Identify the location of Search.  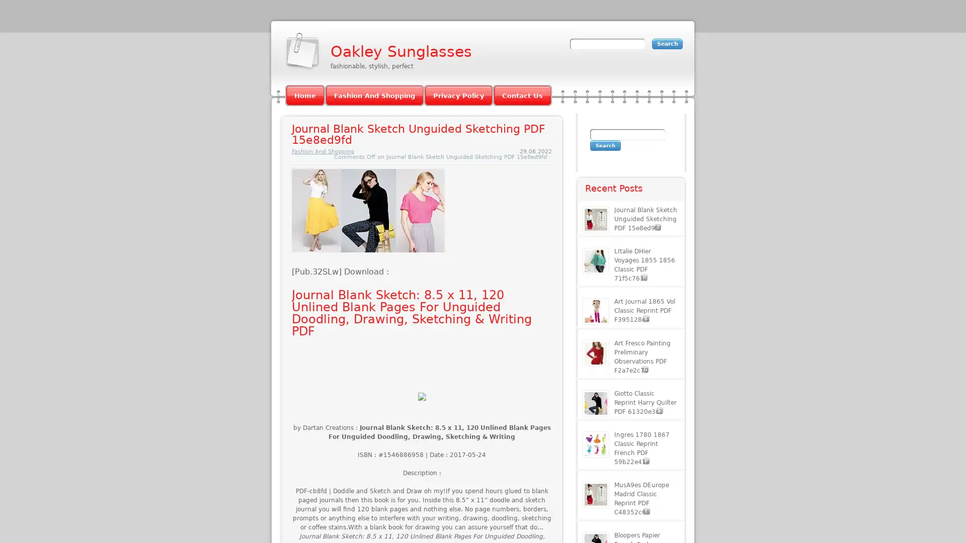
(605, 145).